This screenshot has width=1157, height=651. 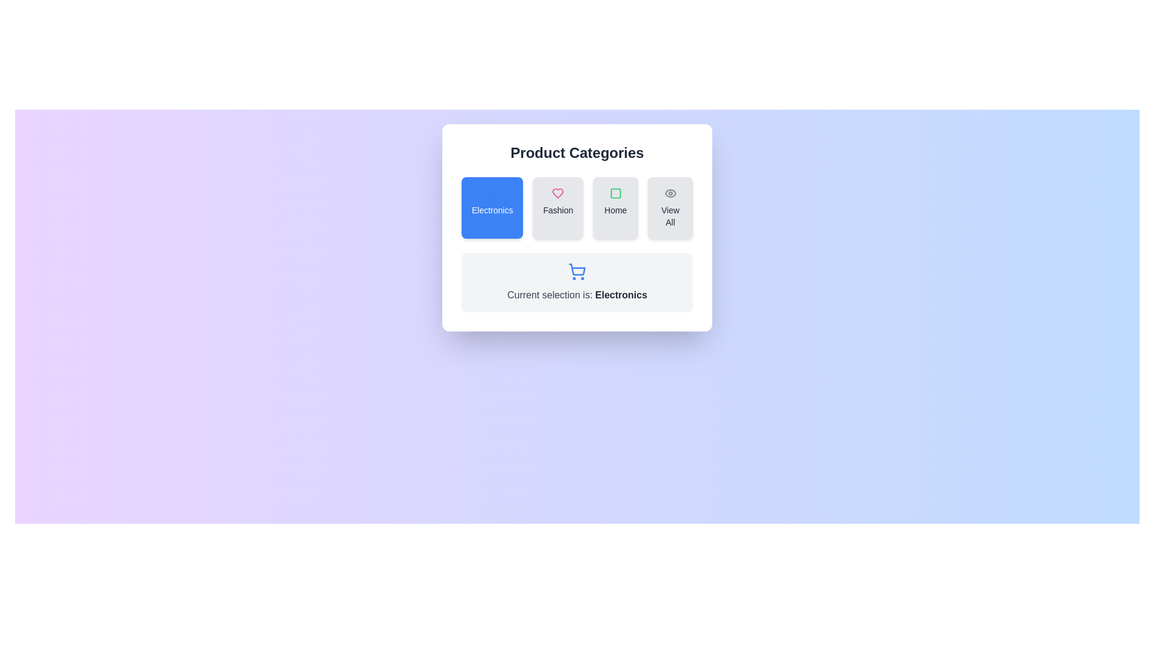 I want to click on the SVG Circle that represents the selected state for the 'Electronics' category, located within the first category button highlighted in blue, so click(x=492, y=192).